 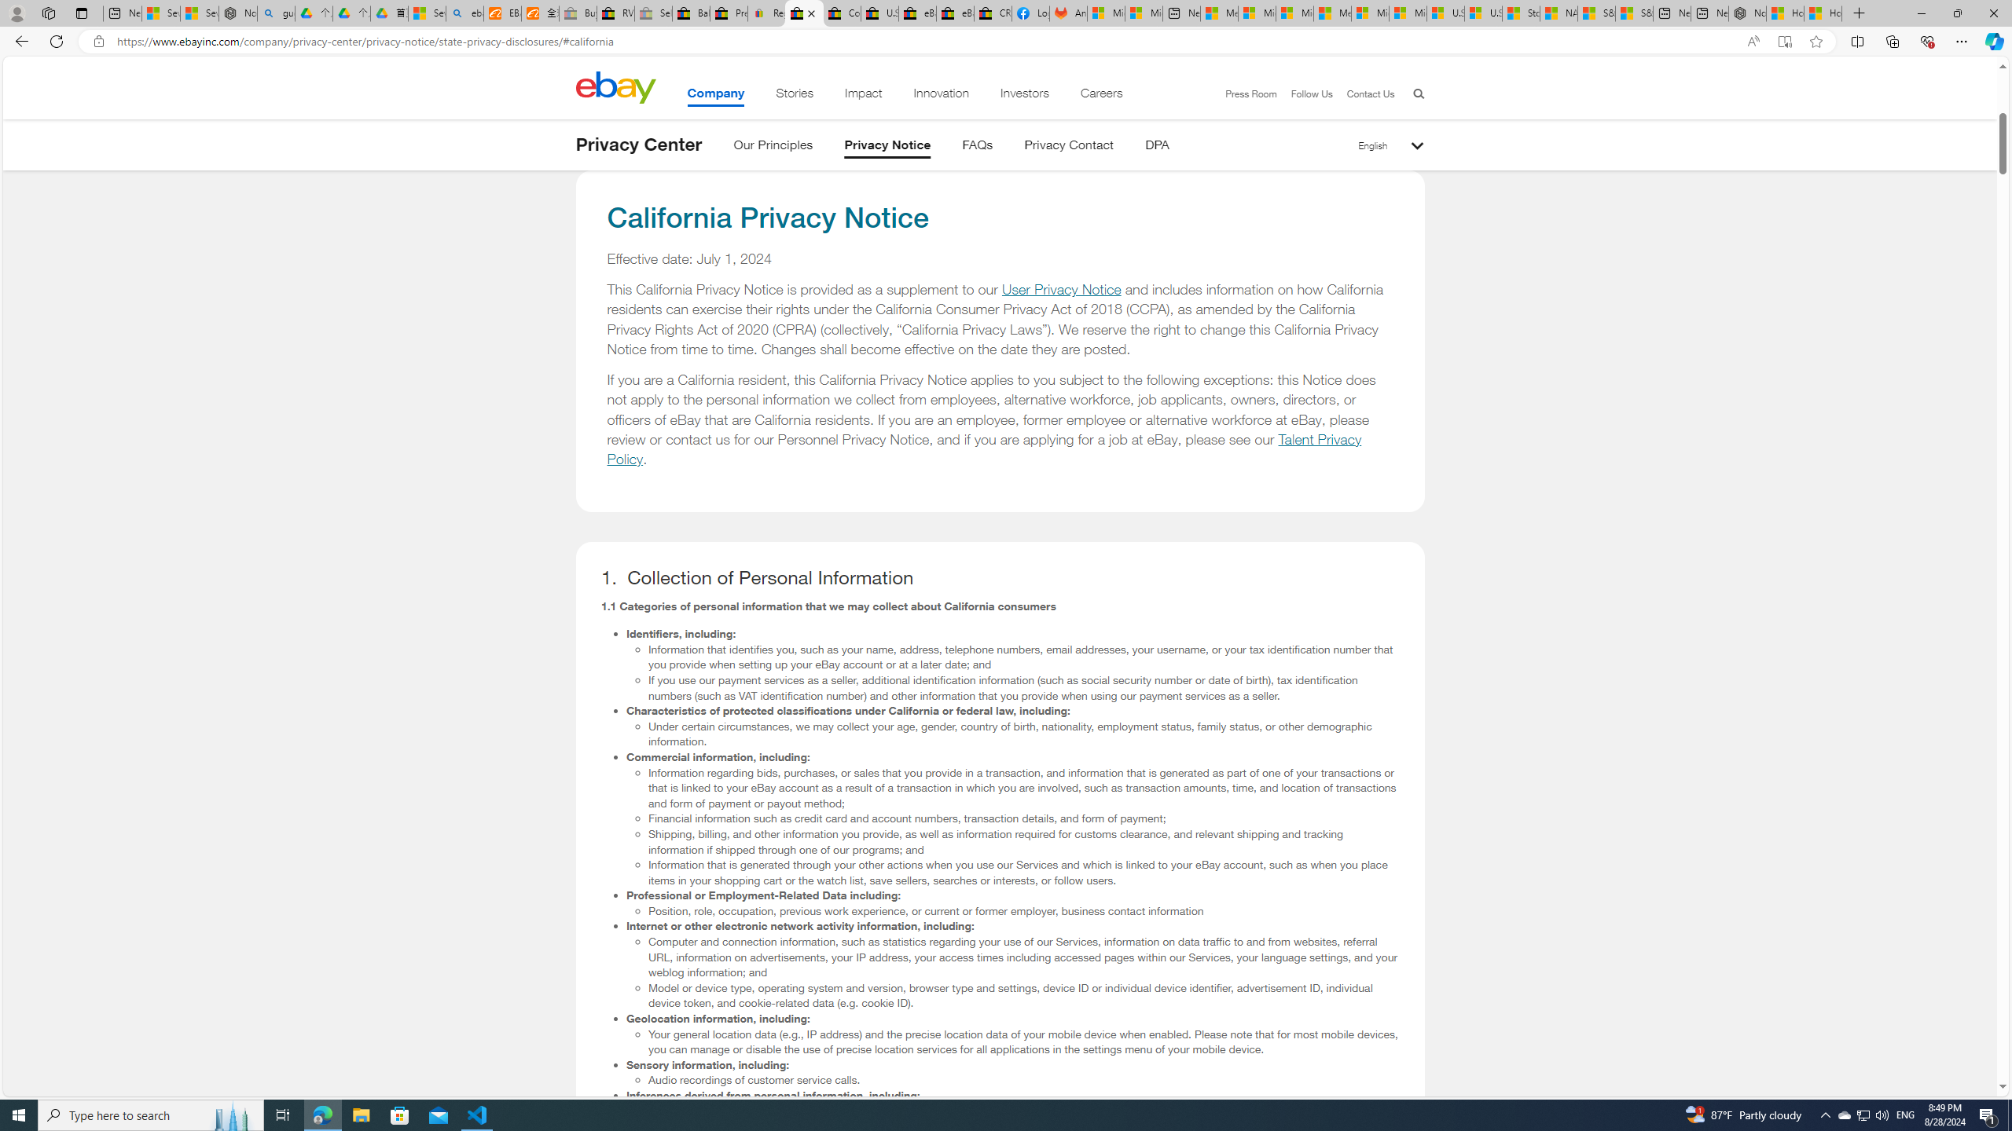 I want to click on 'Sell worldwide with eBay - Sleeping', so click(x=653, y=13).